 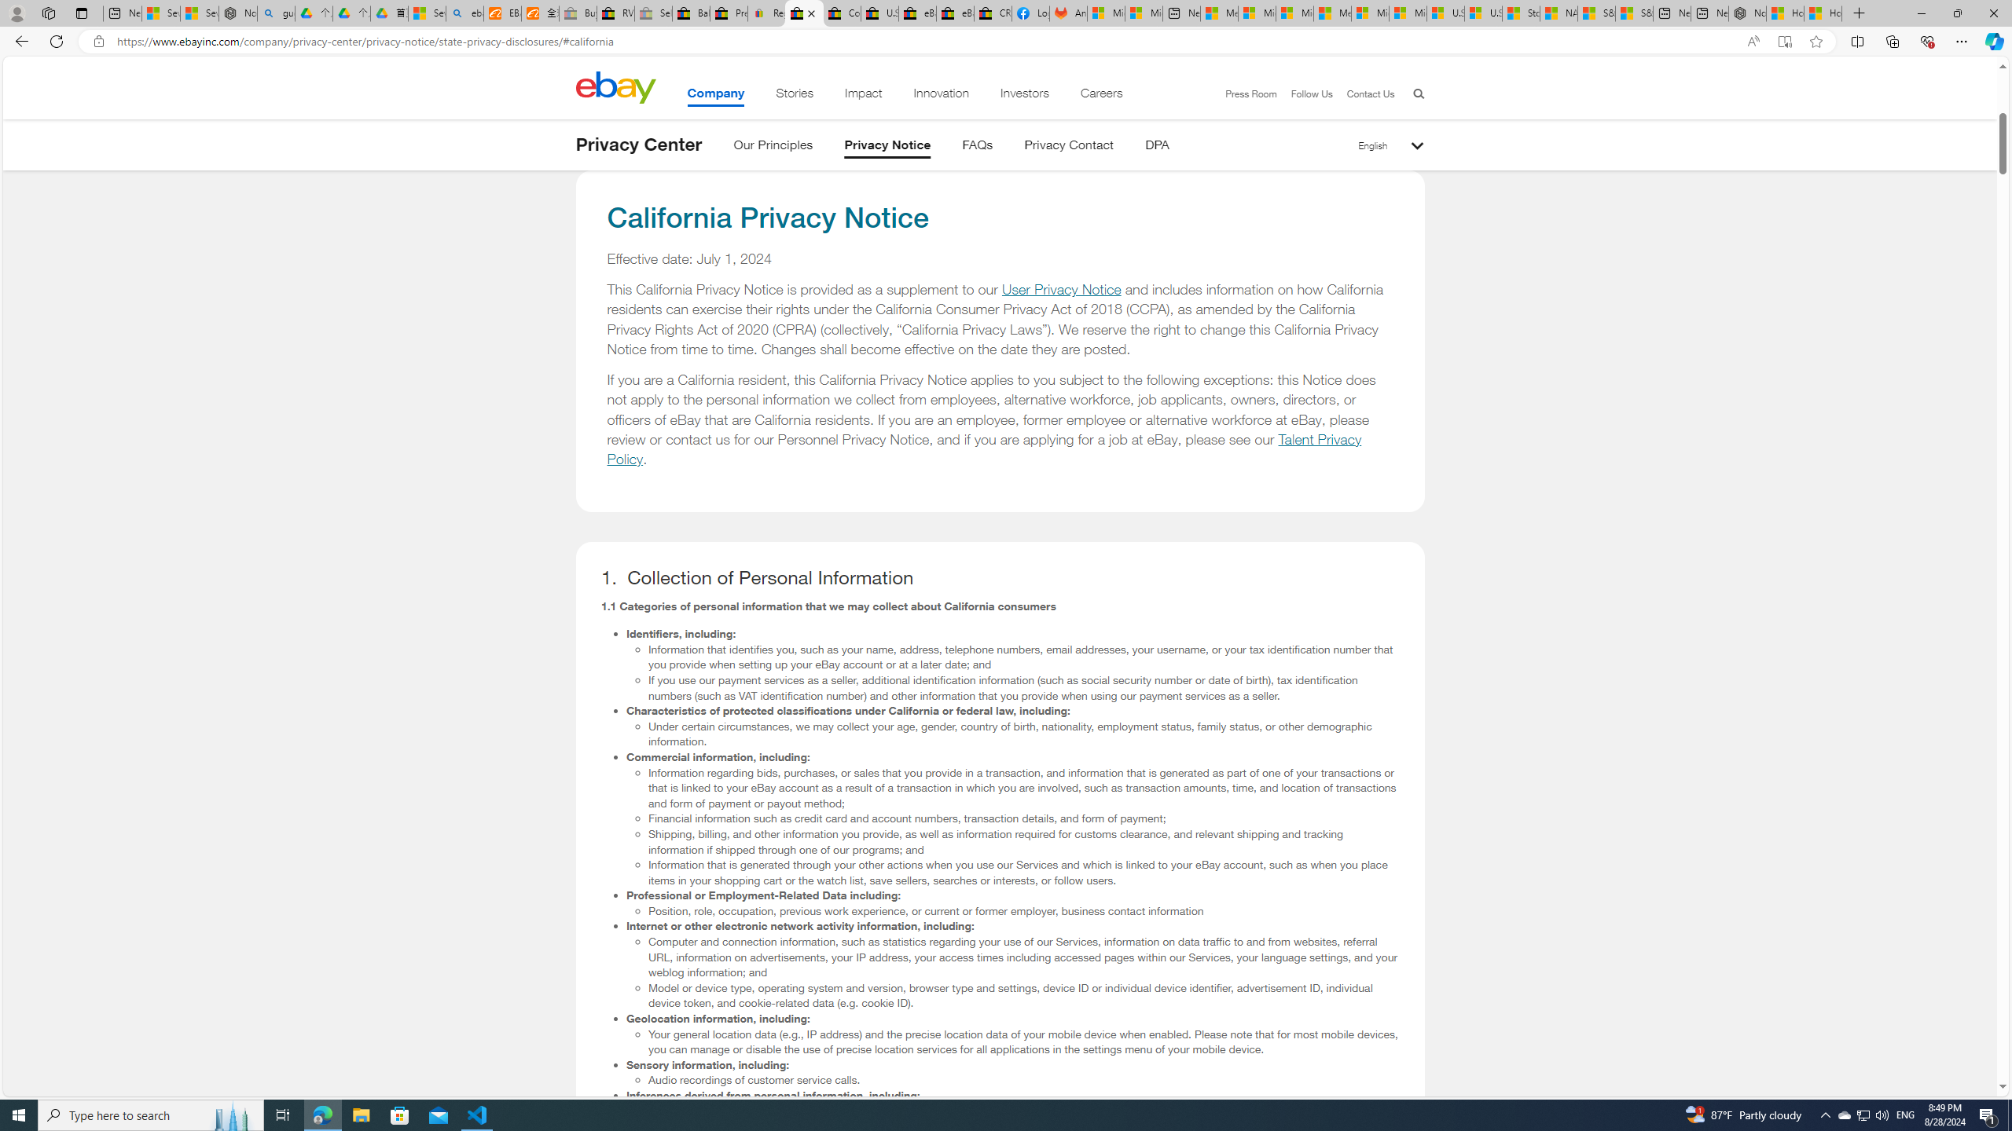 I want to click on 'Sell worldwide with eBay - Sleeping', so click(x=653, y=13).